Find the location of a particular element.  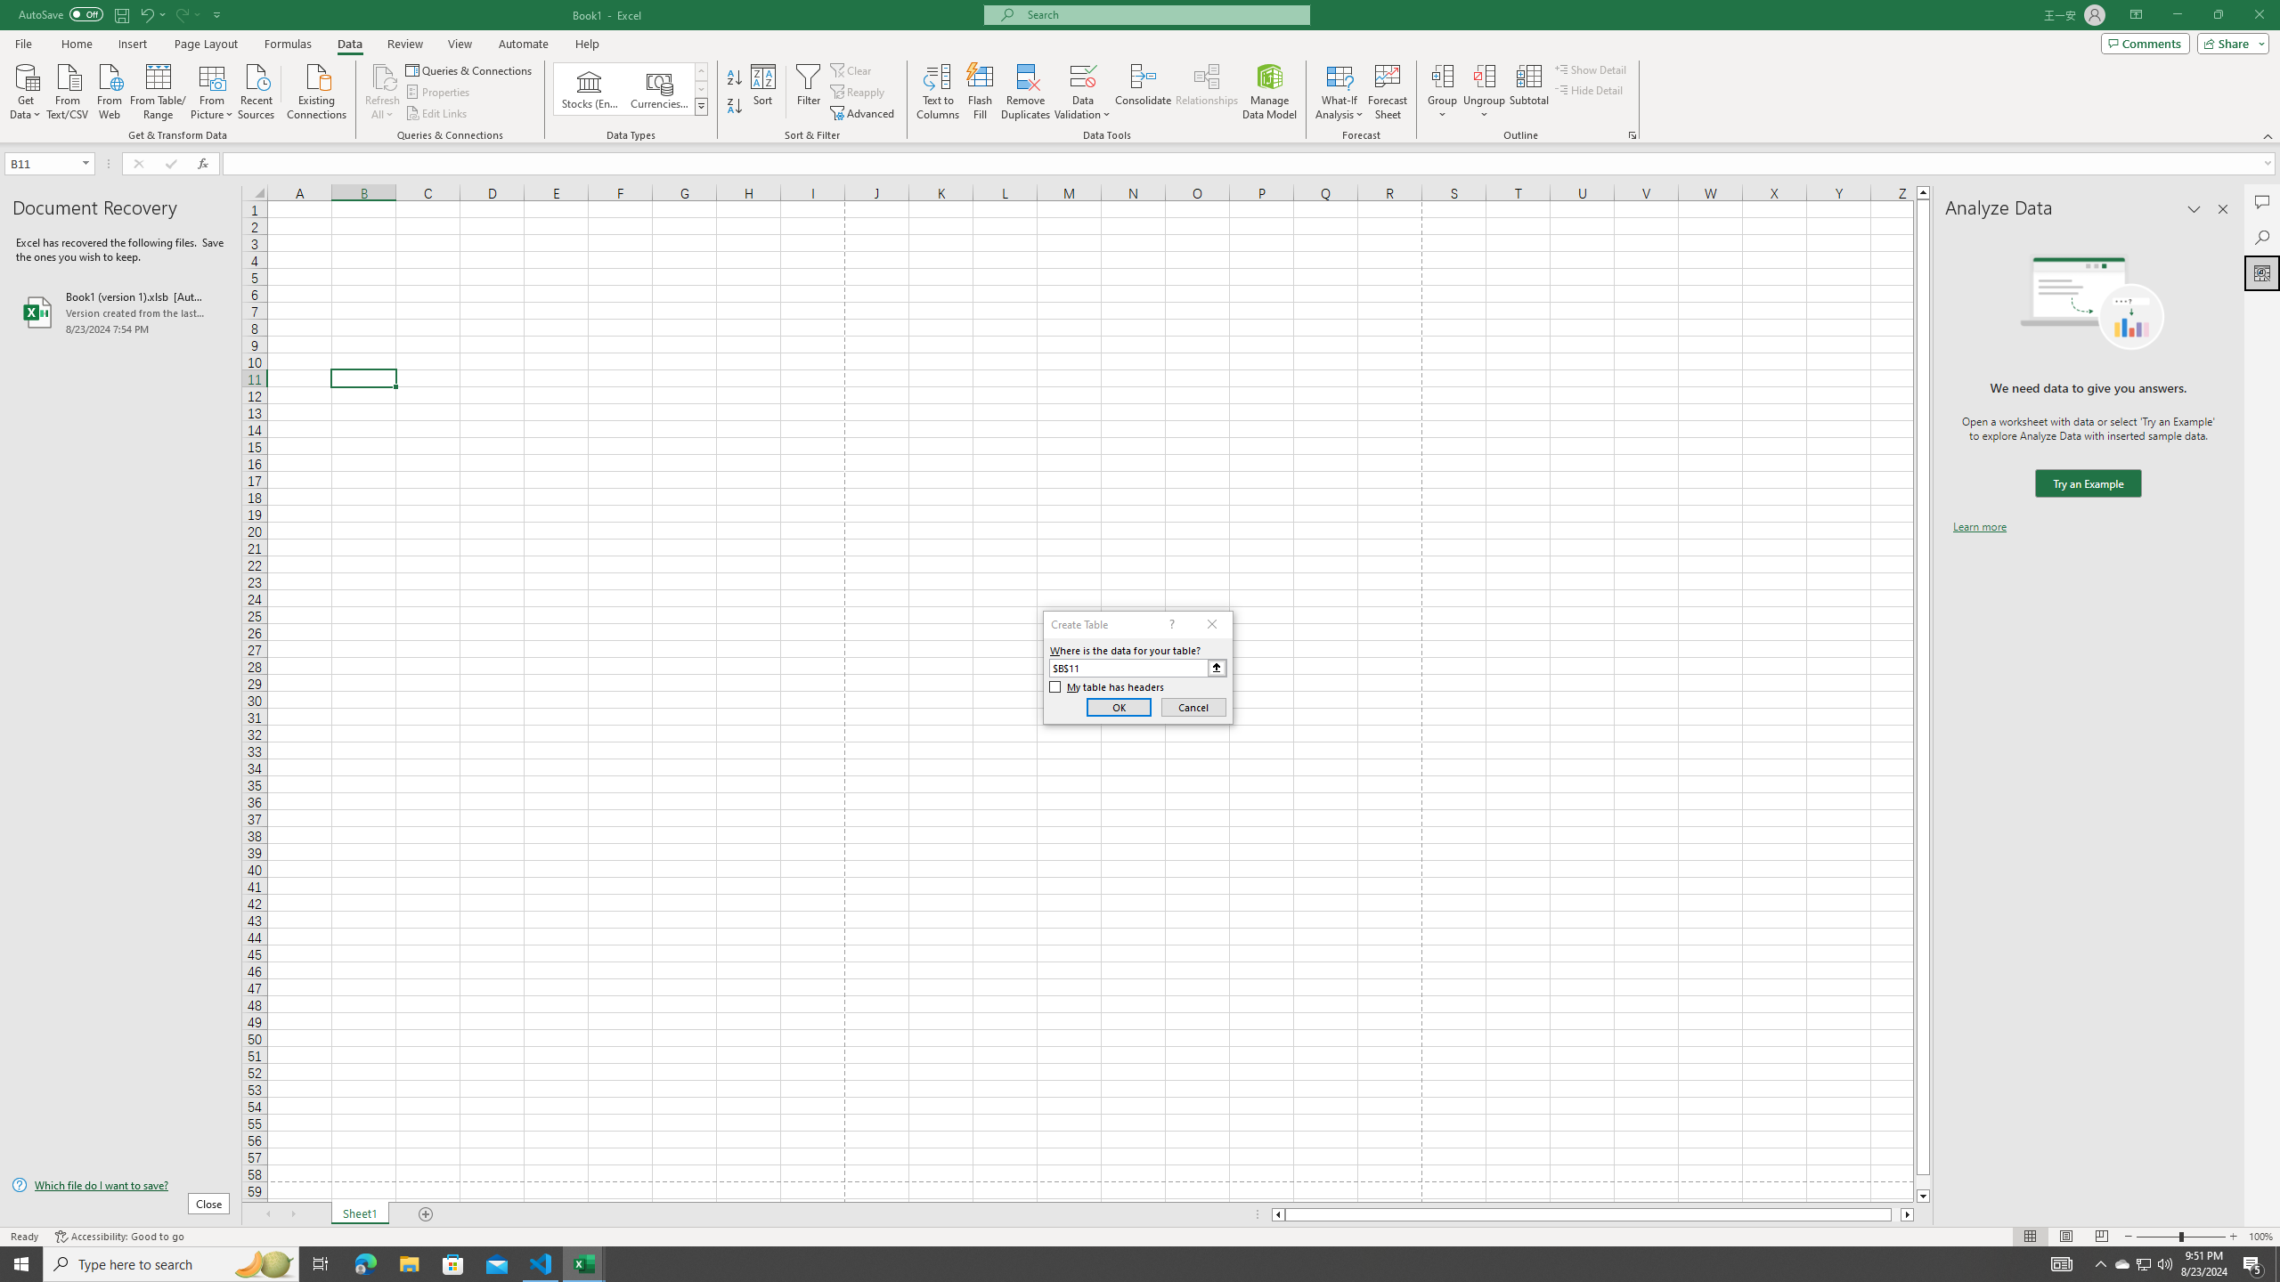

'What-If Analysis' is located at coordinates (1339, 92).